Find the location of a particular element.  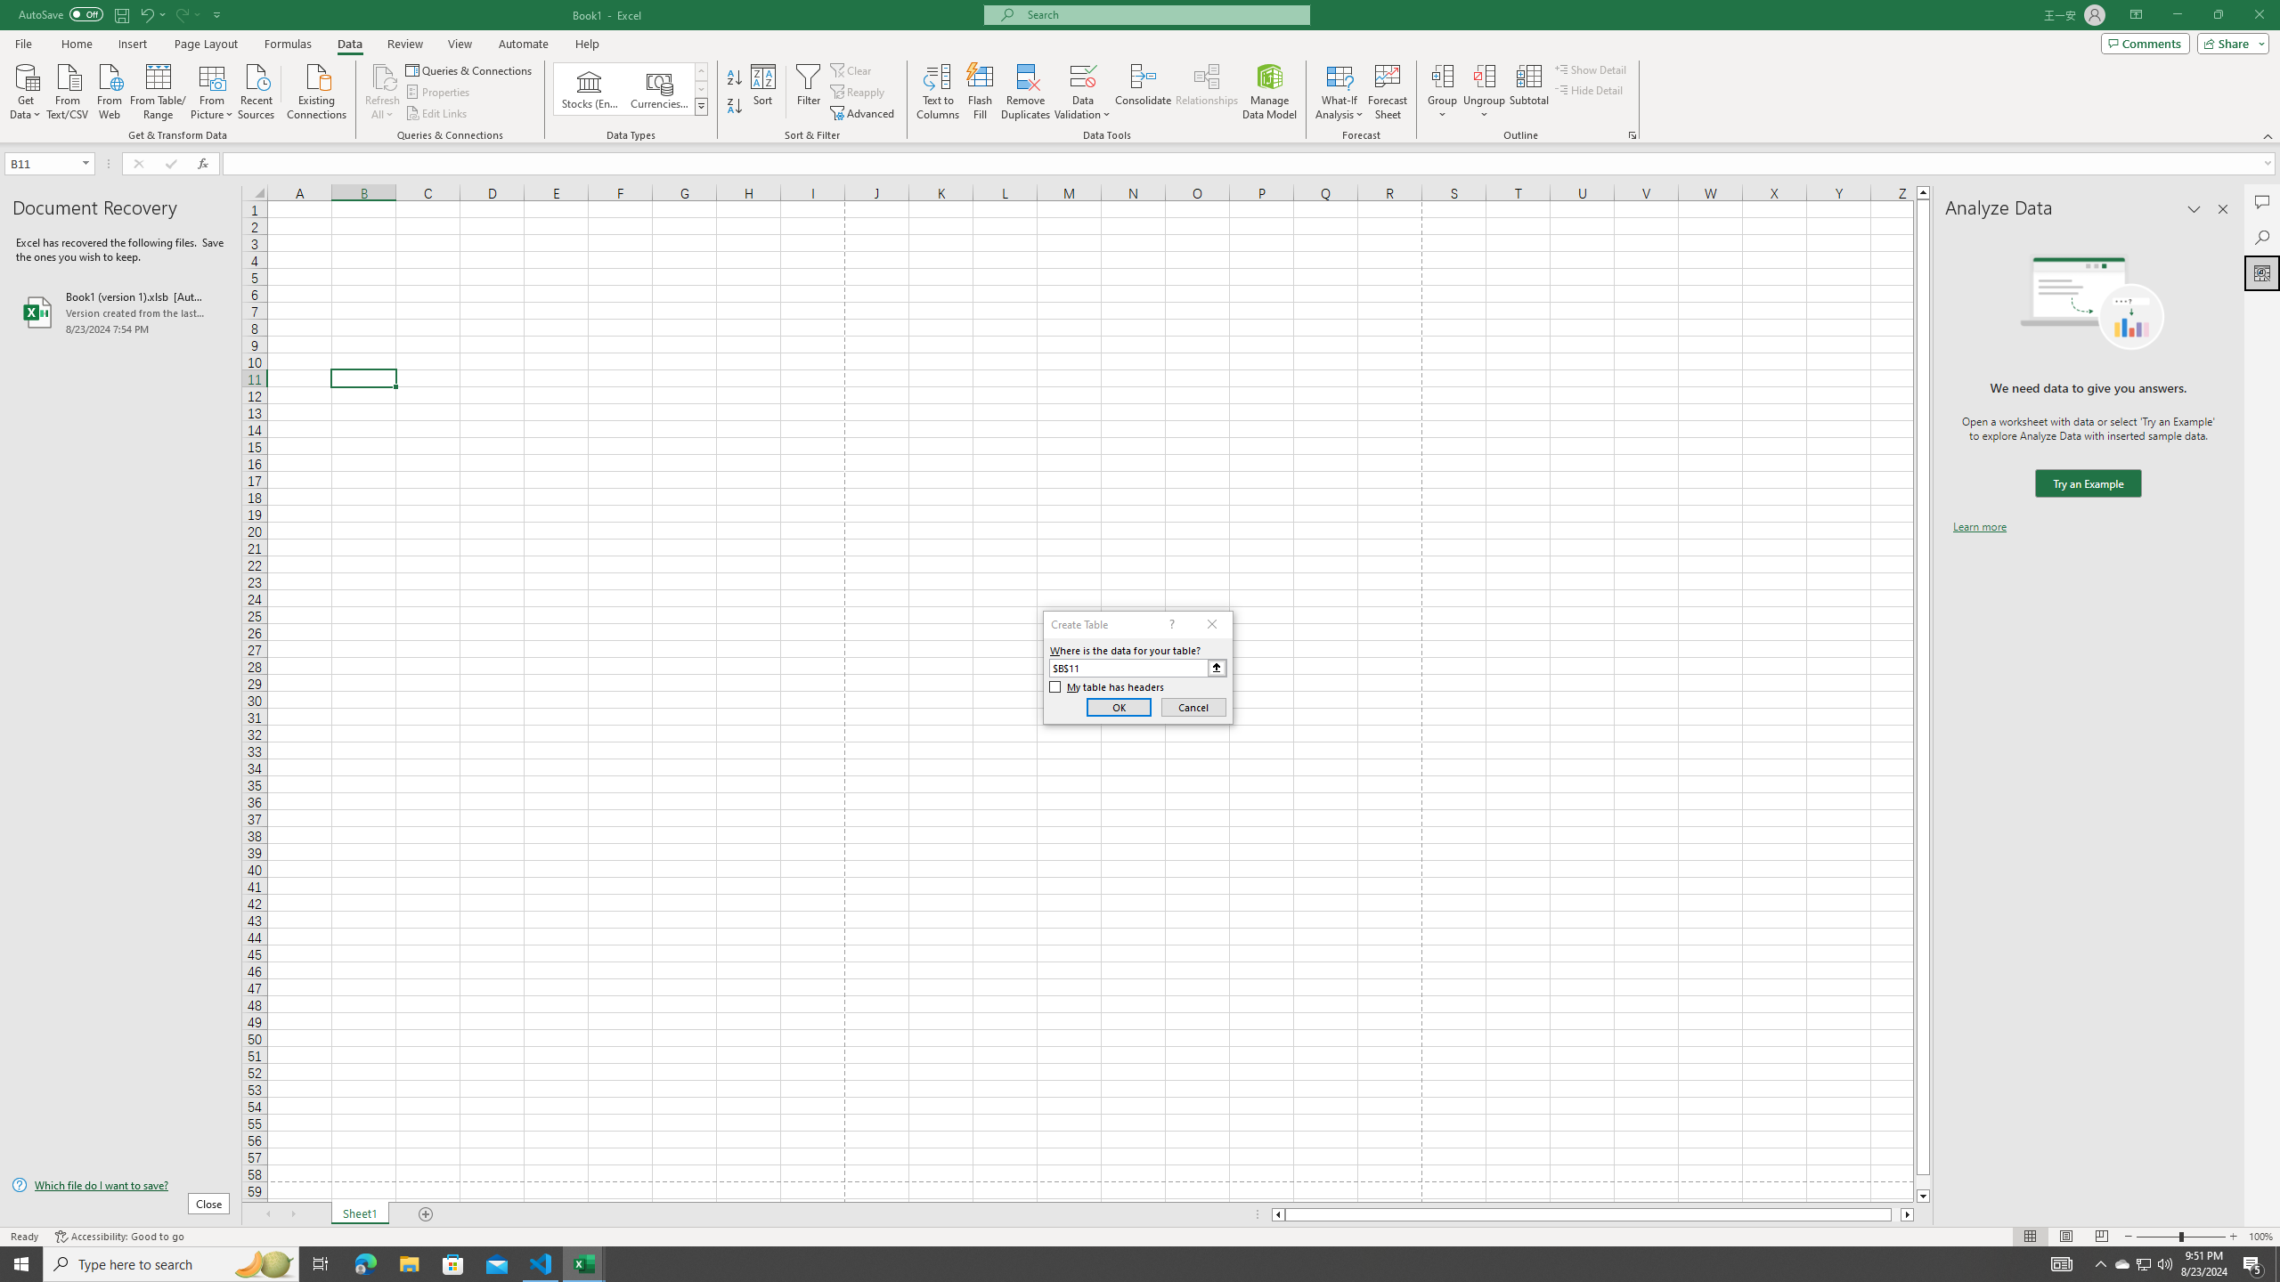

'What-If Analysis' is located at coordinates (1339, 92).